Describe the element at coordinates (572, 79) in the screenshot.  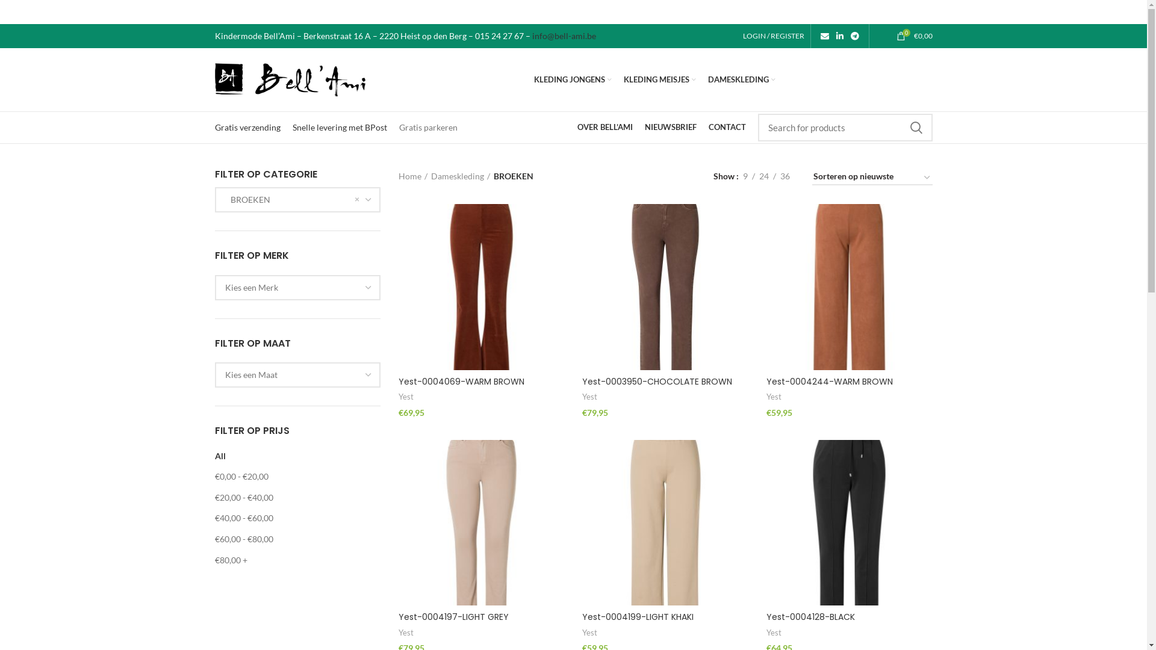
I see `'KLEDING JONGENS'` at that location.